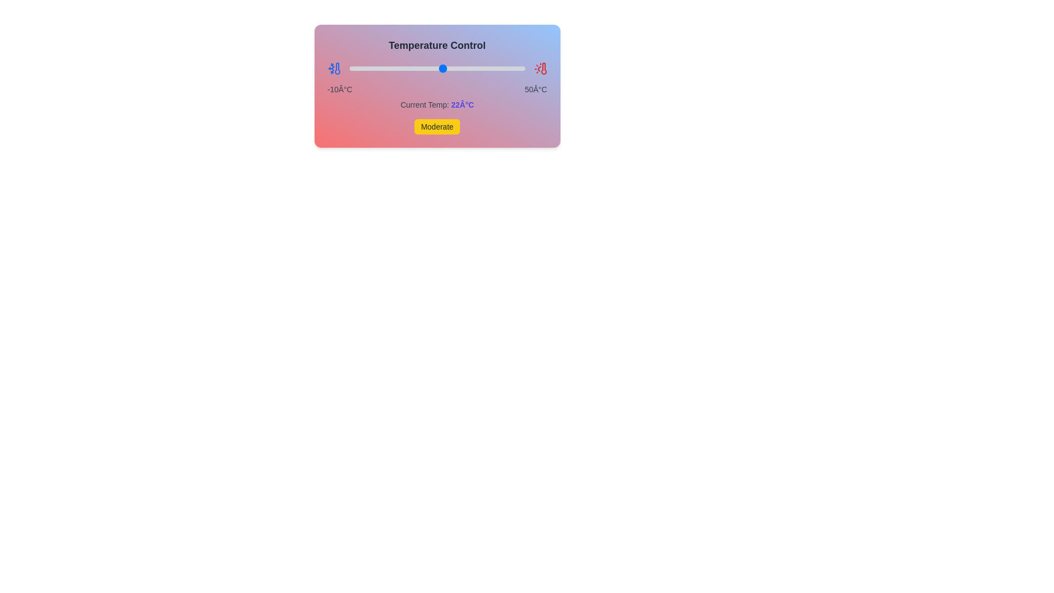  What do you see at coordinates (387, 68) in the screenshot?
I see `the temperature slider to 3°C` at bounding box center [387, 68].